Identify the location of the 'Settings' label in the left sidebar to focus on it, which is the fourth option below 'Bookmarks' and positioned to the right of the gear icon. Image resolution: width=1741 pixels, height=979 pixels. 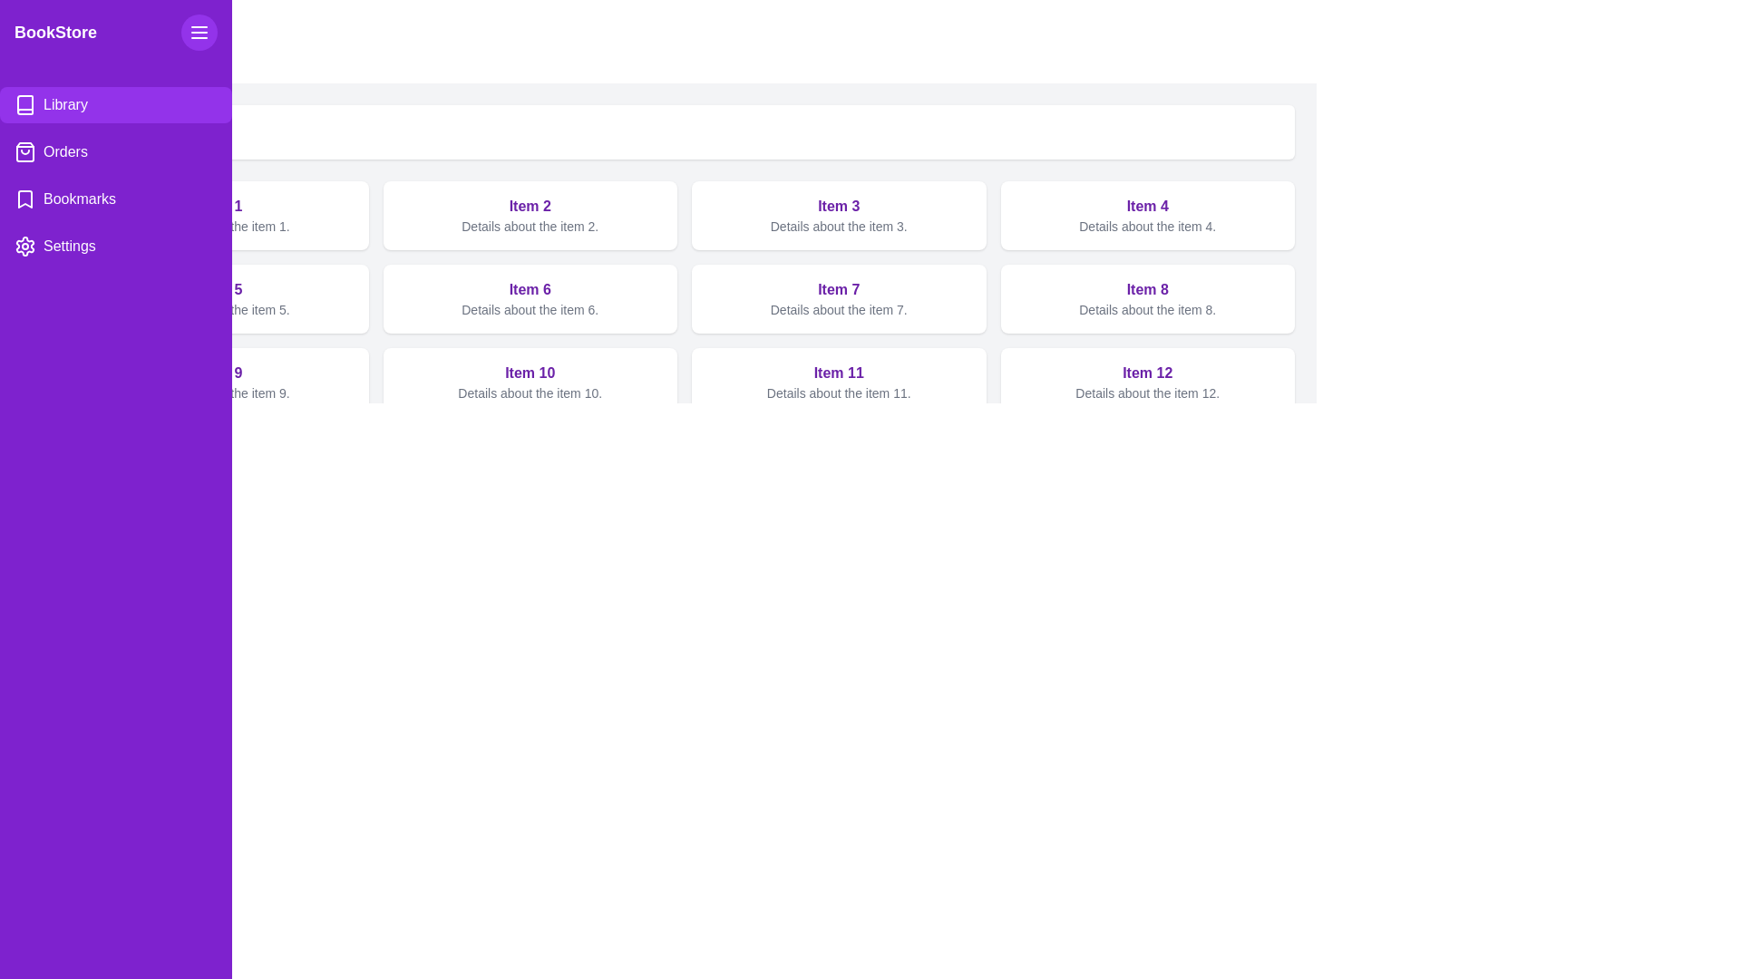
(69, 247).